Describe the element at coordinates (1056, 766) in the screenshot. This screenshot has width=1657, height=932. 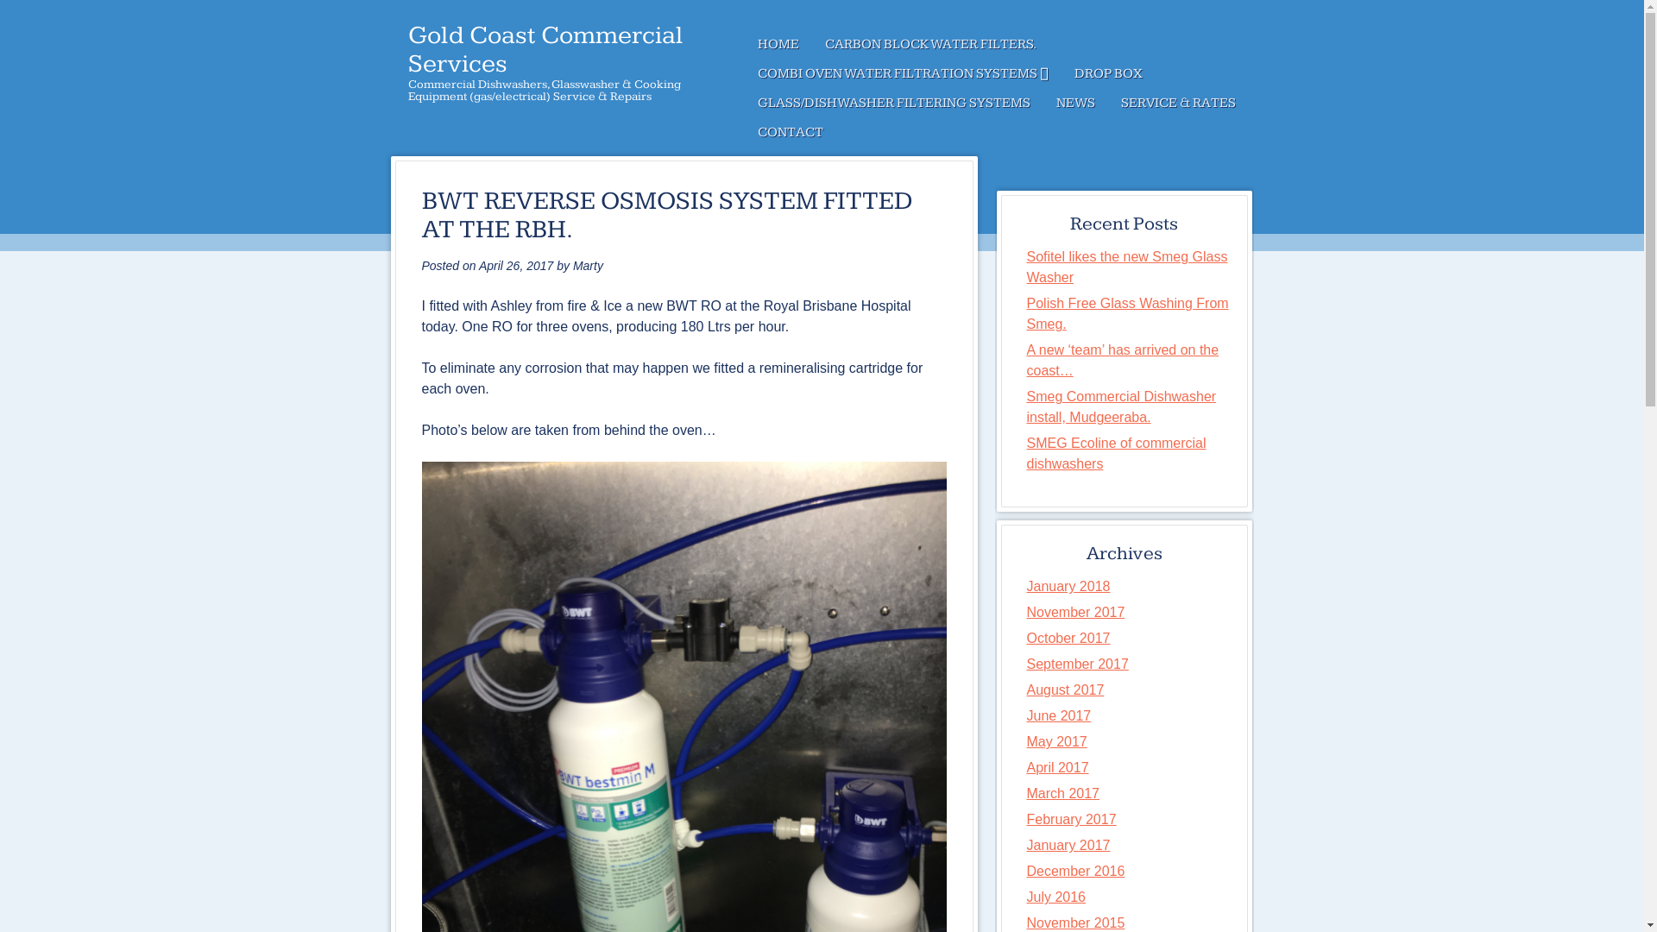
I see `'April 2017'` at that location.